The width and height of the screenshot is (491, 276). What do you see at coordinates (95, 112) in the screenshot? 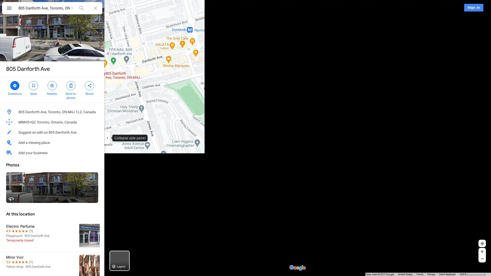
I see `Copy address` at bounding box center [95, 112].